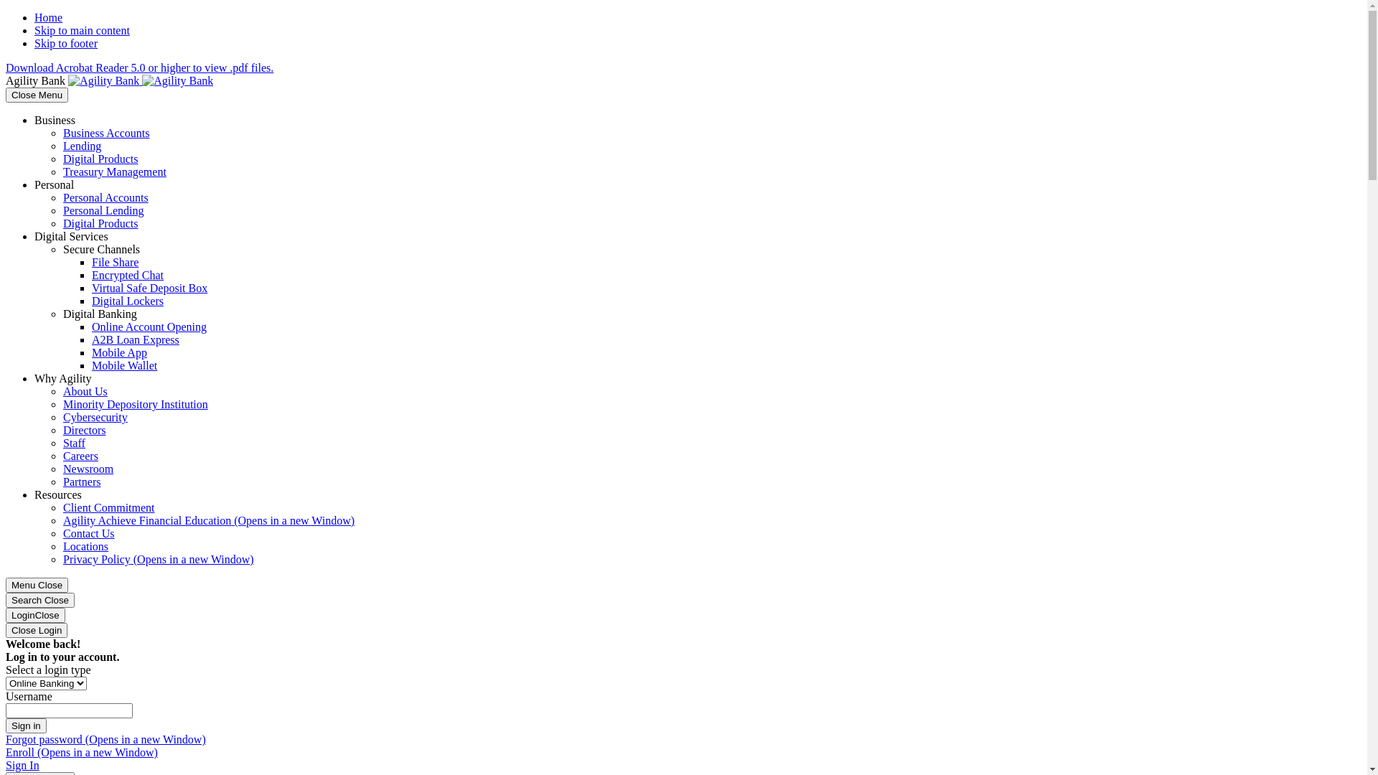 The height and width of the screenshot is (775, 1378). I want to click on 'Home', so click(48, 17).